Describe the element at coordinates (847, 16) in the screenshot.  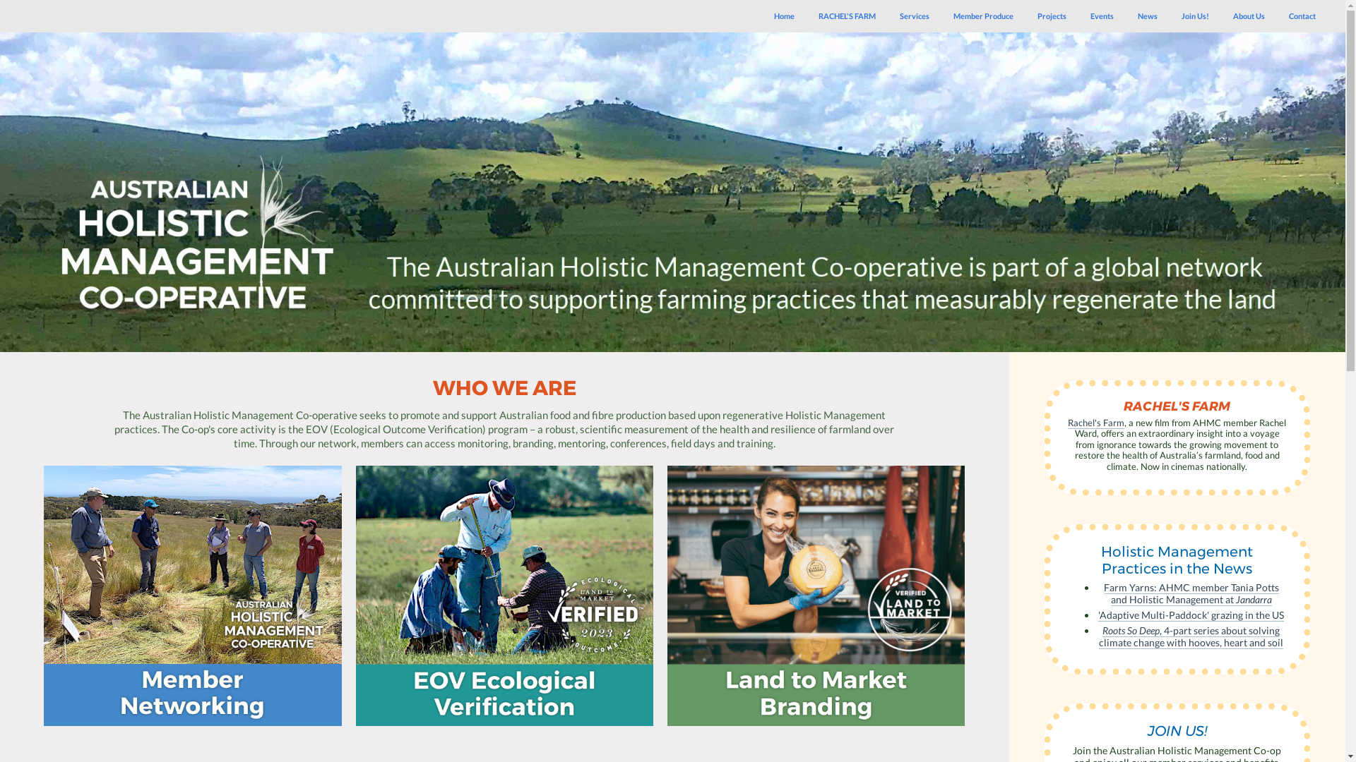
I see `'RACHEL'S FARM'` at that location.